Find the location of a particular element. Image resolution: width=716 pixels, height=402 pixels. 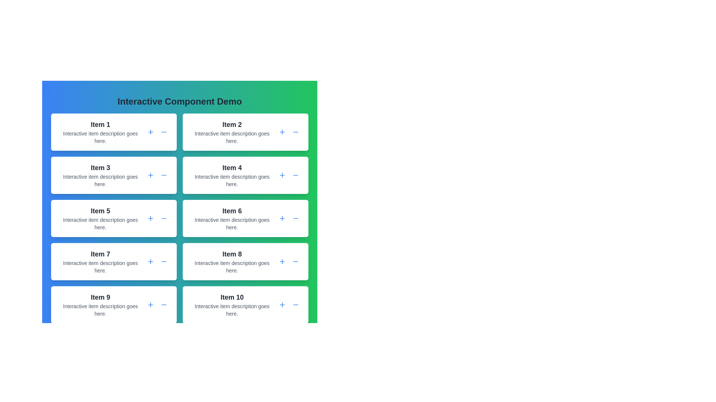

the circular minus button icon, which is styled in blue and located next to 'Item 10', to decrement the count is located at coordinates (295, 304).